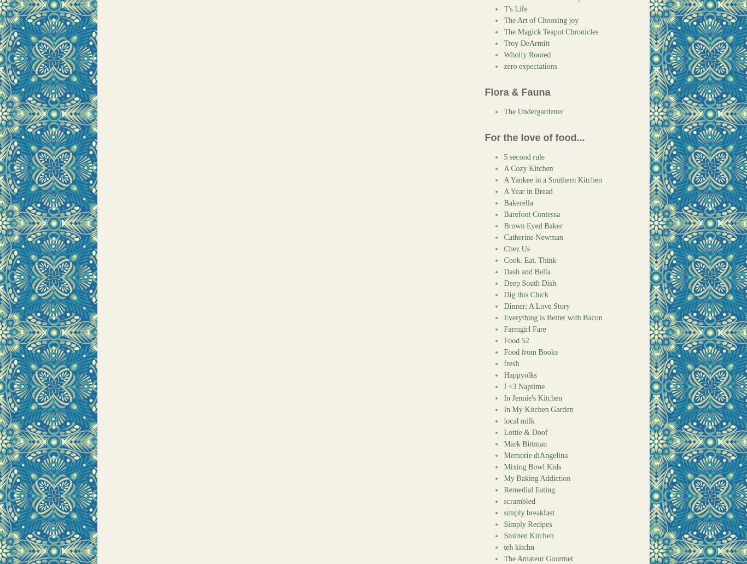 The width and height of the screenshot is (747, 564). Describe the element at coordinates (524, 157) in the screenshot. I see `'5 second rule'` at that location.